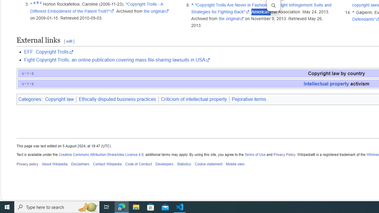 This screenshot has width=379, height=213. I want to click on 'Creative Commons Attribution-ShareAlike License 4.0', so click(101, 154).